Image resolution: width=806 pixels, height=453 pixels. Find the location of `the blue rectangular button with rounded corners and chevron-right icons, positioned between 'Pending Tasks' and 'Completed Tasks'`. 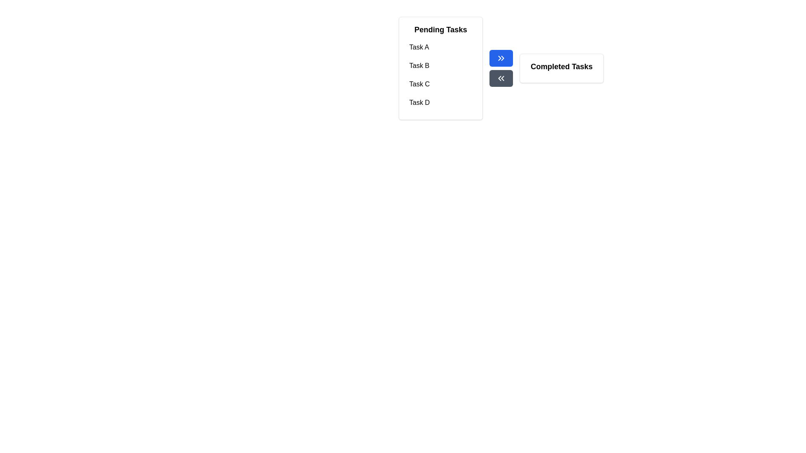

the blue rectangular button with rounded corners and chevron-right icons, positioned between 'Pending Tasks' and 'Completed Tasks' is located at coordinates (501, 57).